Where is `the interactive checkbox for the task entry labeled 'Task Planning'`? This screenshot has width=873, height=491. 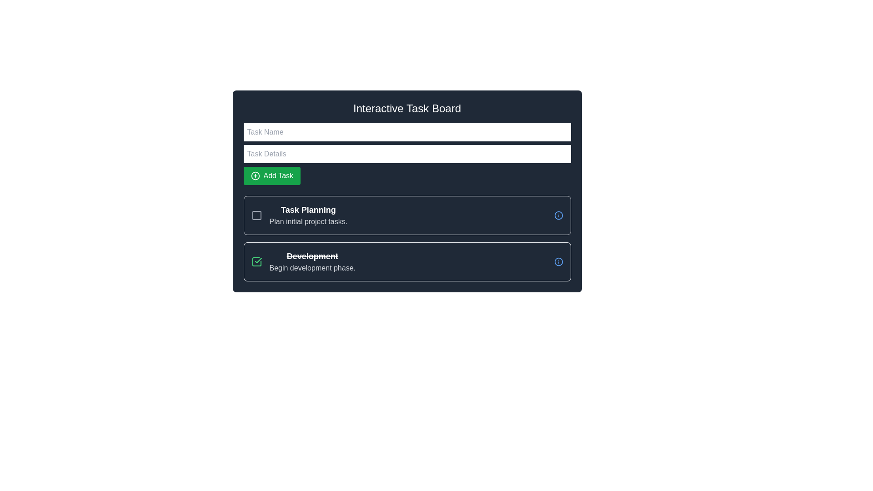 the interactive checkbox for the task entry labeled 'Task Planning' is located at coordinates (256, 215).